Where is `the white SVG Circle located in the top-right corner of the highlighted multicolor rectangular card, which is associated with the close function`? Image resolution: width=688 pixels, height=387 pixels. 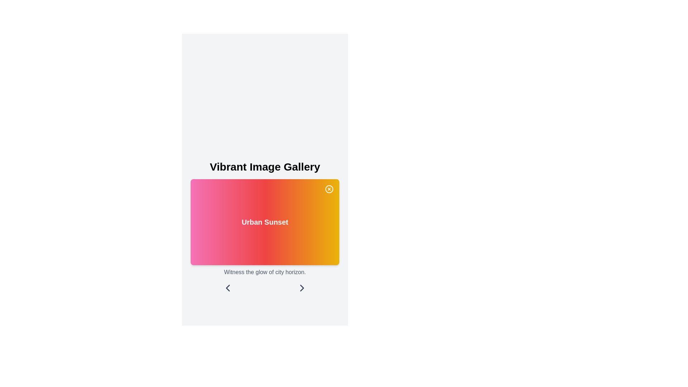
the white SVG Circle located in the top-right corner of the highlighted multicolor rectangular card, which is associated with the close function is located at coordinates (329, 189).